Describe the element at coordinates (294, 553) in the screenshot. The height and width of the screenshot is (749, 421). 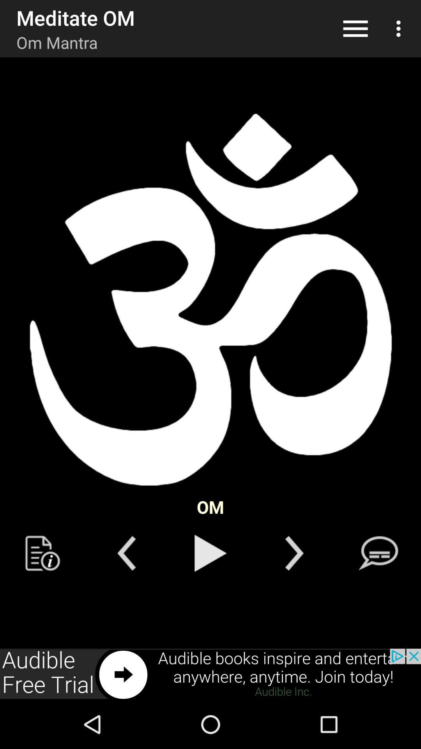
I see `next` at that location.